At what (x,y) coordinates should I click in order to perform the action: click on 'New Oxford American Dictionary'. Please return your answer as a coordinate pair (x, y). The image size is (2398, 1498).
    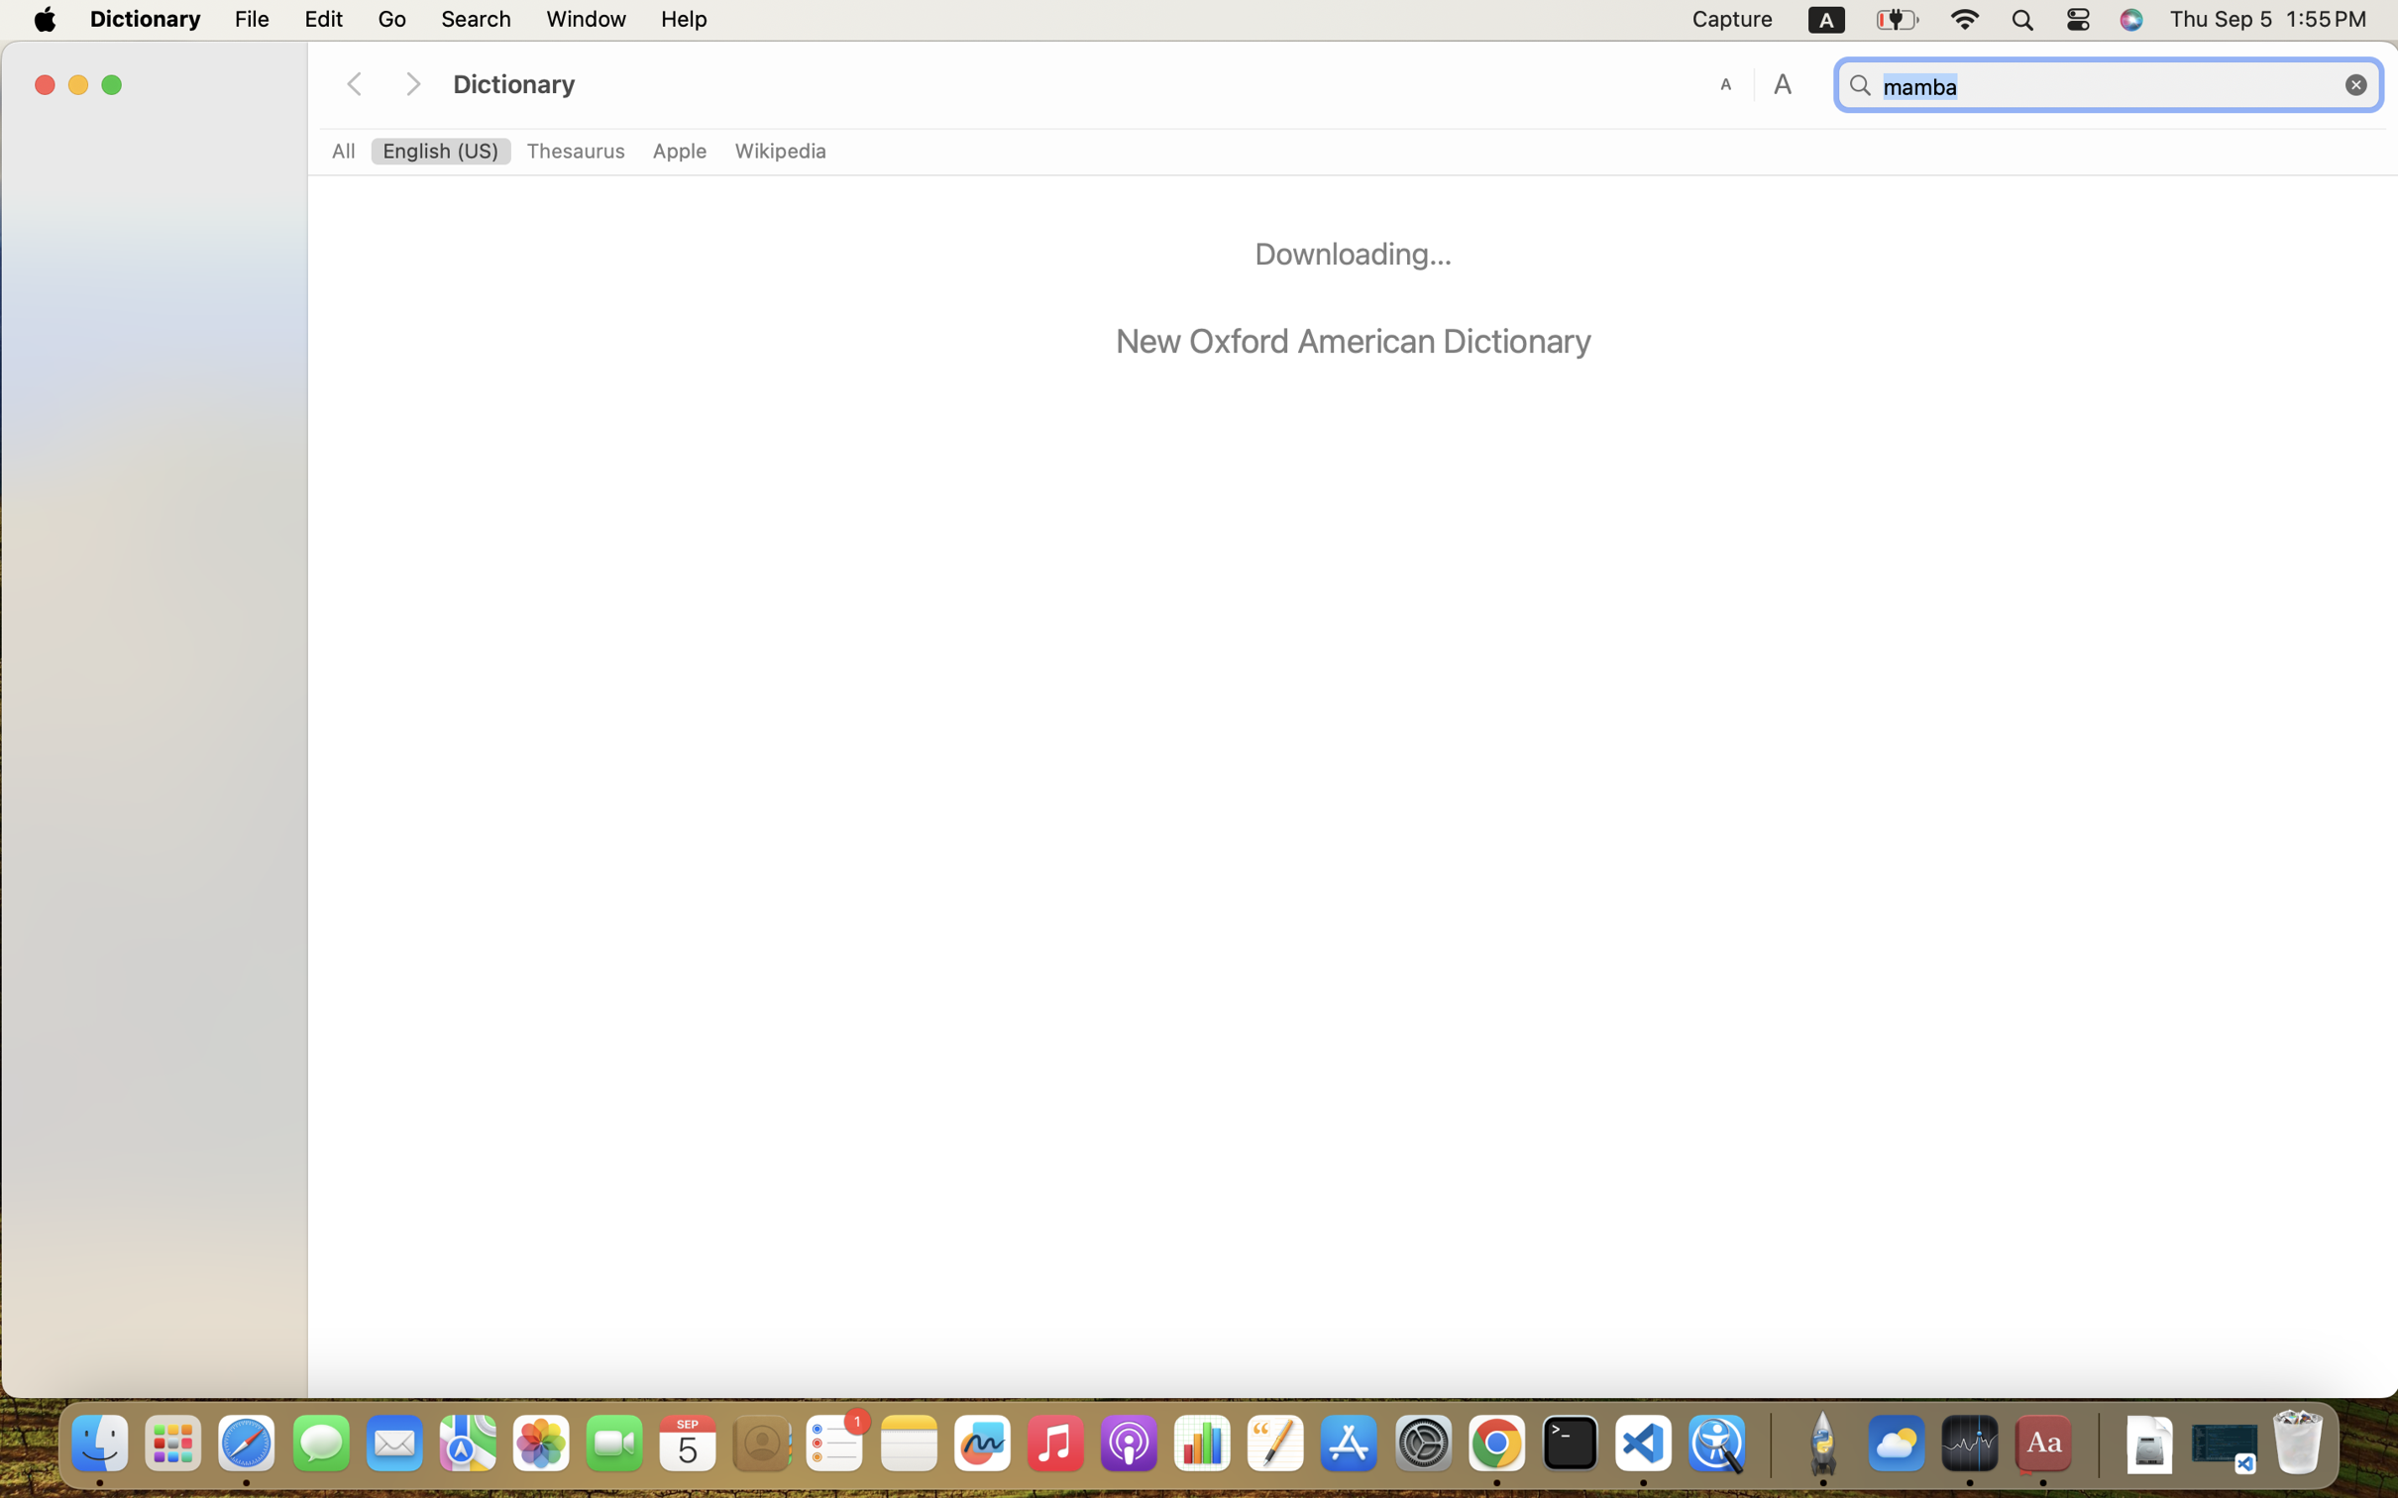
    Looking at the image, I should click on (1353, 340).